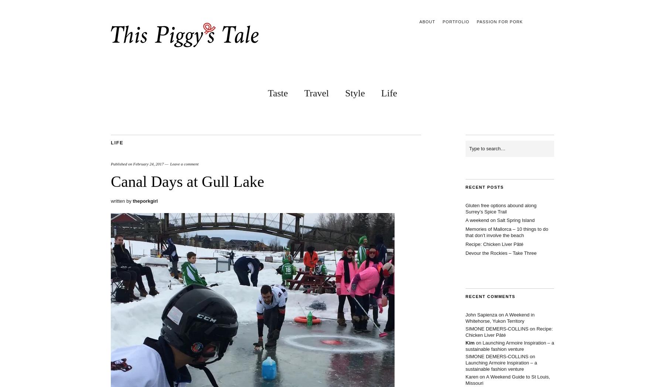 Image resolution: width=665 pixels, height=387 pixels. Describe the element at coordinates (277, 93) in the screenshot. I see `'Taste'` at that location.